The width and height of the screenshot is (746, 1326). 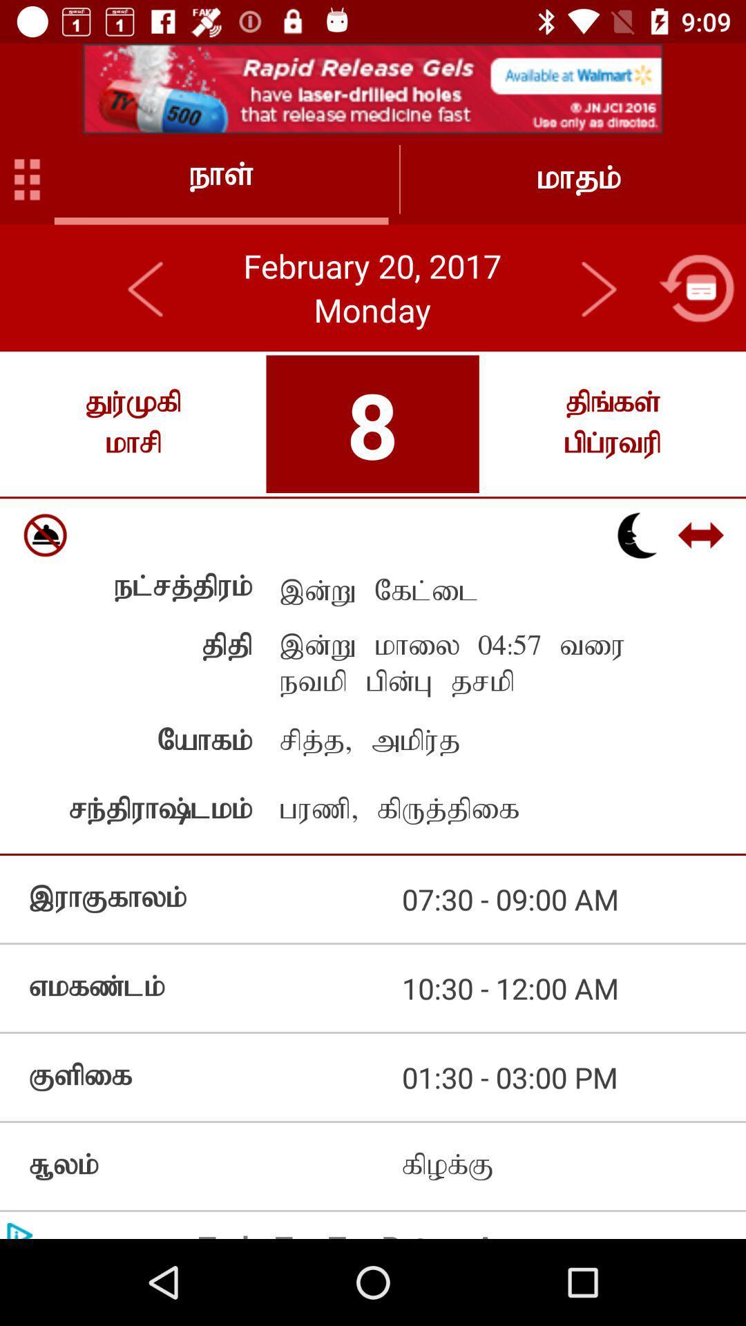 I want to click on open calendar, so click(x=696, y=287).